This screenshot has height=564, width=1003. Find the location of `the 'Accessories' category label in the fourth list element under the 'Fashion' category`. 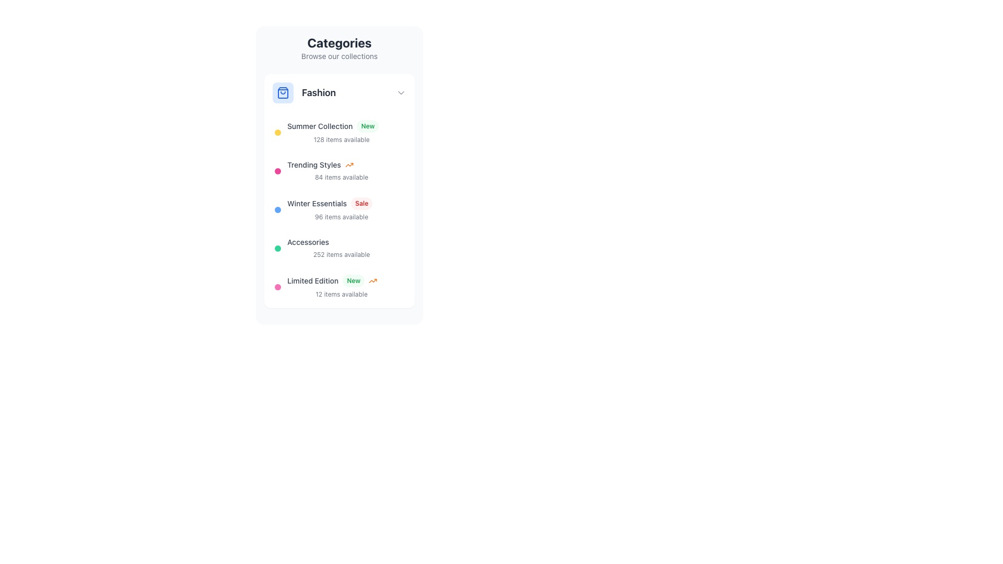

the 'Accessories' category label in the fourth list element under the 'Fashion' category is located at coordinates (341, 248).